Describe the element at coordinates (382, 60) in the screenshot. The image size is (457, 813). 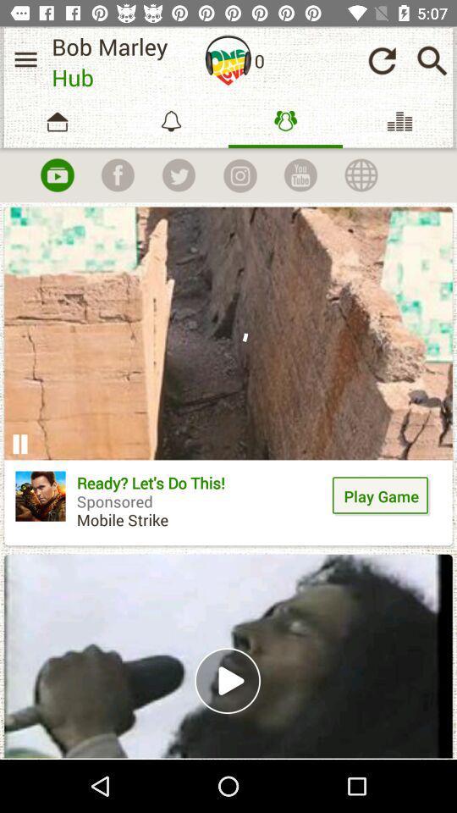
I see `the refresh icon` at that location.